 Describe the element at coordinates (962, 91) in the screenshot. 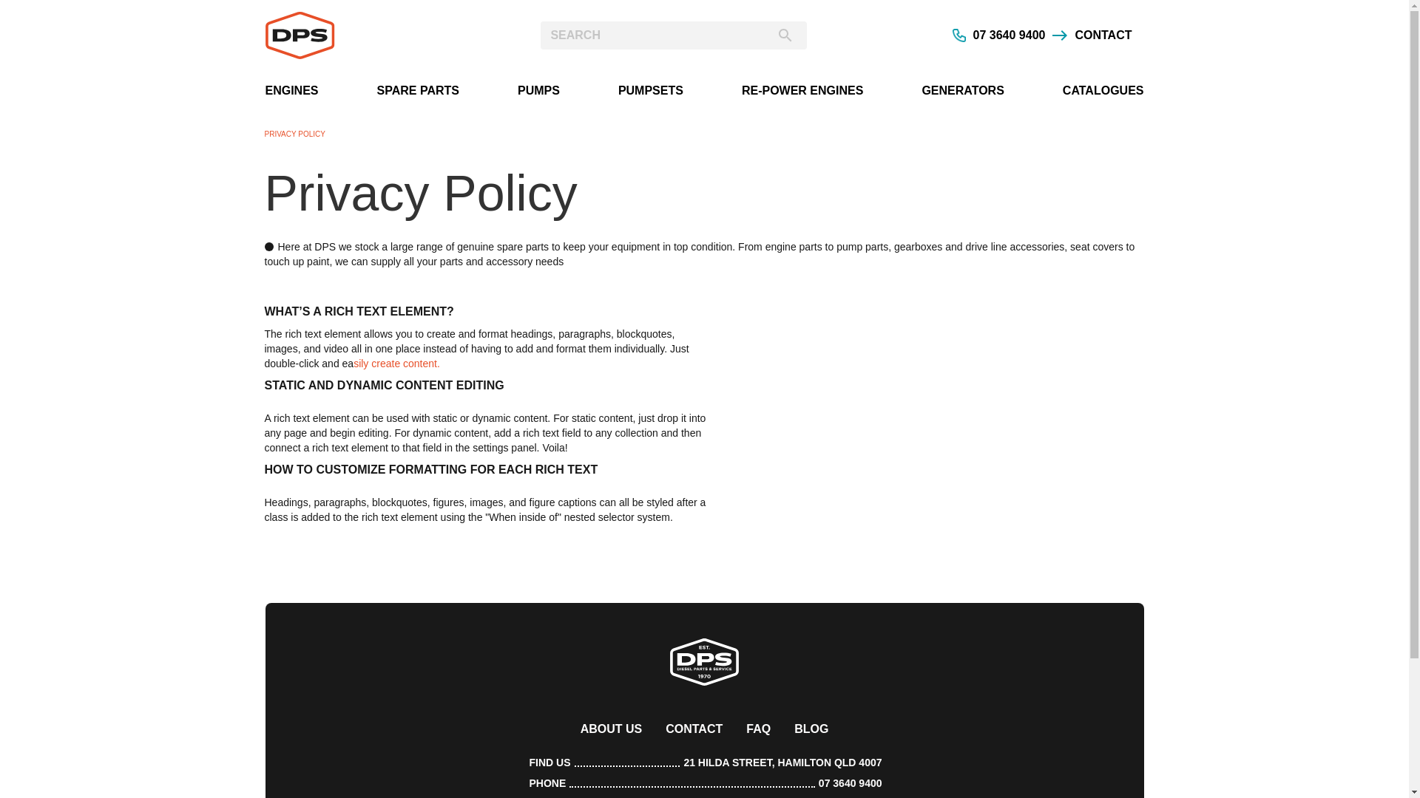

I see `'GENERATORS'` at that location.